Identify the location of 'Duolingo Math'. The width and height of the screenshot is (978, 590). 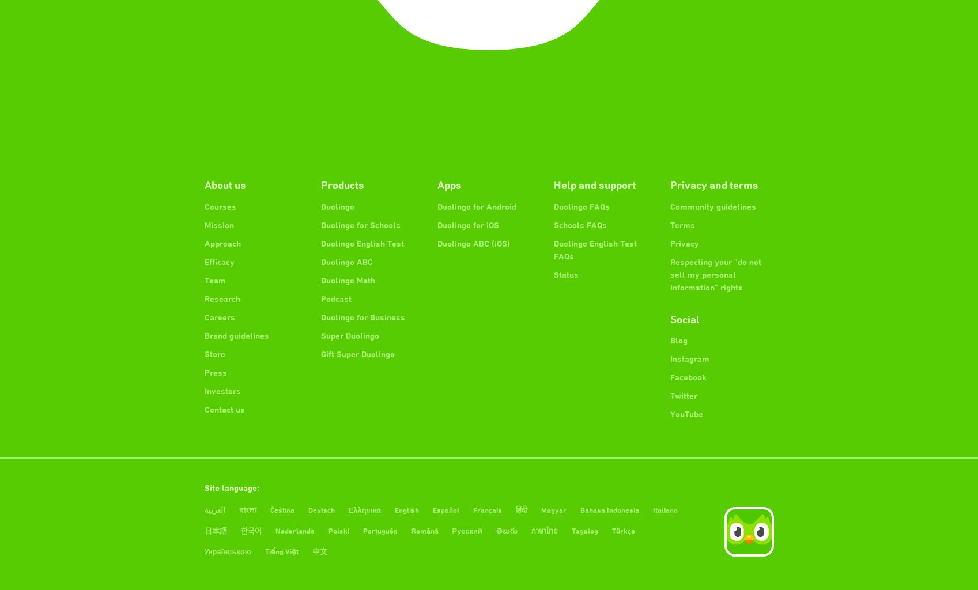
(346, 279).